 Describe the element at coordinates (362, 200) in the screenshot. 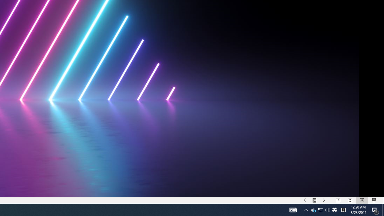

I see `'Reading View'` at that location.